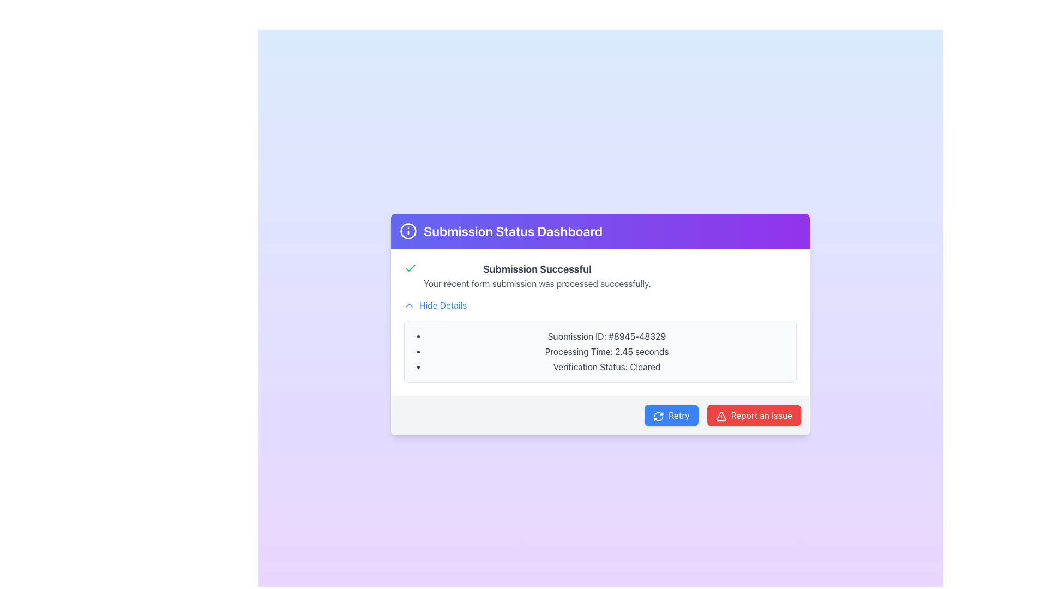 The height and width of the screenshot is (589, 1047). I want to click on the alert icon that is part of the 'Report an Issue' button component, located to the left of the button's text in the bottom-right corner of the dialog, so click(721, 416).